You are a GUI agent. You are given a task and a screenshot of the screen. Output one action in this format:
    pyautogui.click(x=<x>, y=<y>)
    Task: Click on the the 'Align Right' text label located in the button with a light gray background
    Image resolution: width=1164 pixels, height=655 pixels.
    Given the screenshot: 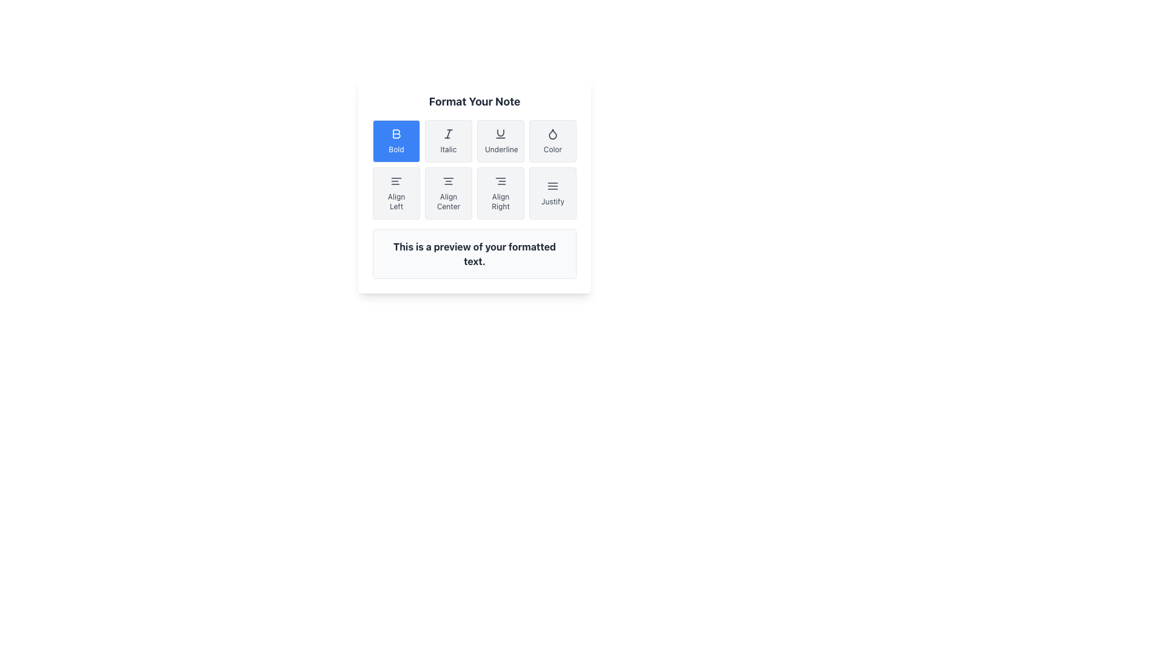 What is the action you would take?
    pyautogui.click(x=500, y=201)
    